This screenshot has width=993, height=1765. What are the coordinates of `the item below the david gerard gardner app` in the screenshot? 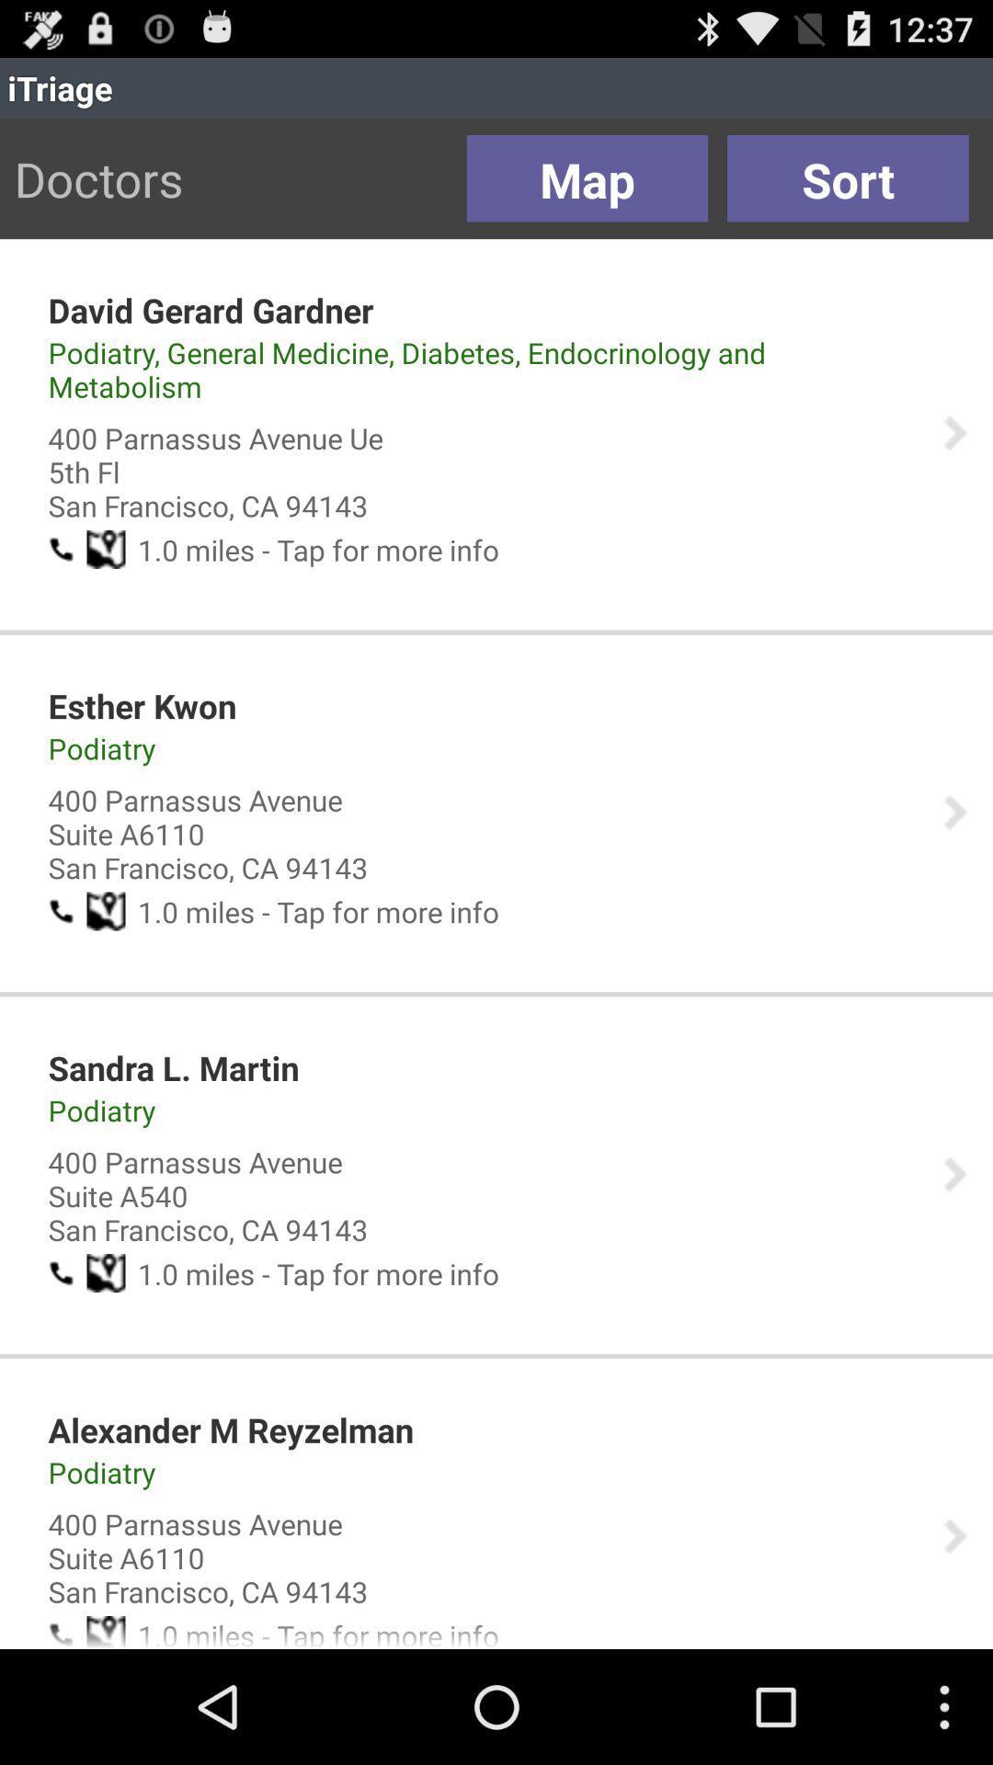 It's located at (482, 369).